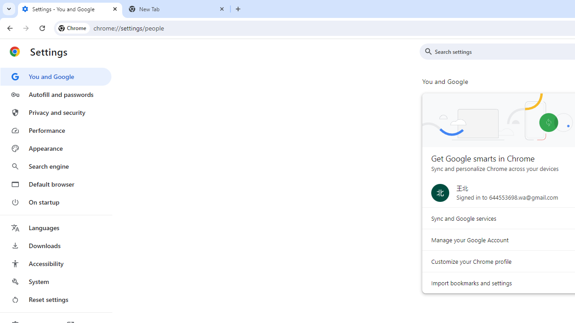  Describe the element at coordinates (55, 202) in the screenshot. I see `'On startup'` at that location.